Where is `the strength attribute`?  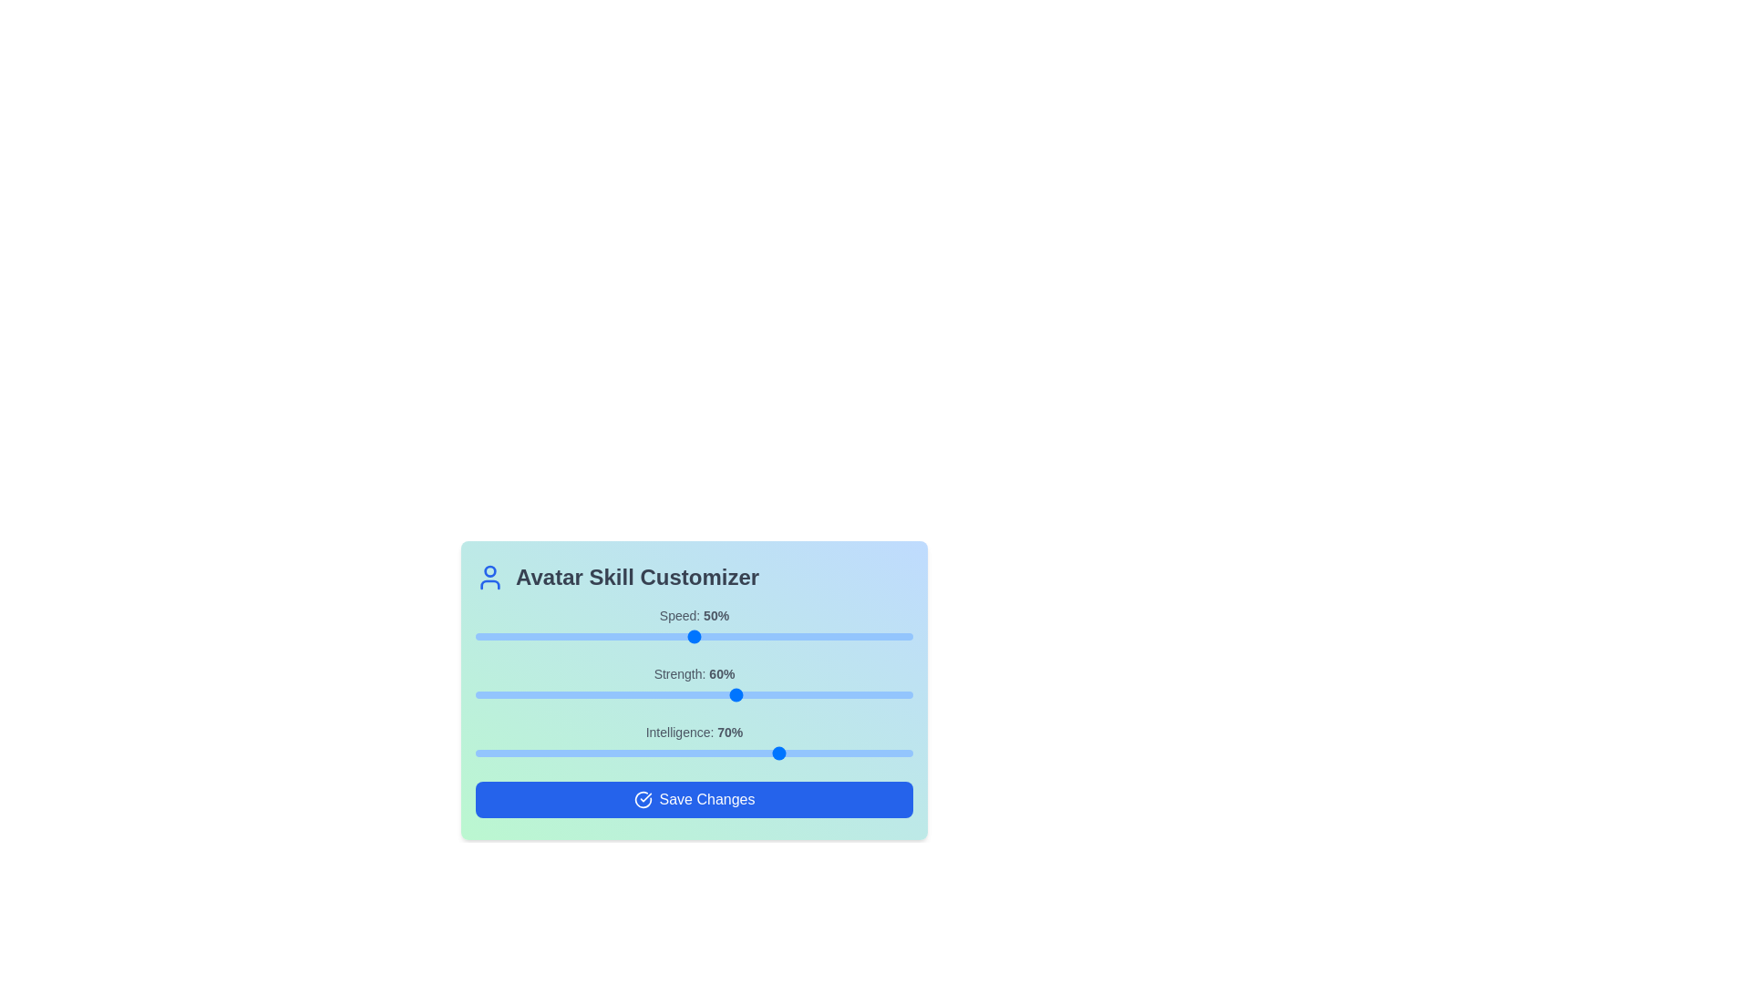 the strength attribute is located at coordinates (522, 695).